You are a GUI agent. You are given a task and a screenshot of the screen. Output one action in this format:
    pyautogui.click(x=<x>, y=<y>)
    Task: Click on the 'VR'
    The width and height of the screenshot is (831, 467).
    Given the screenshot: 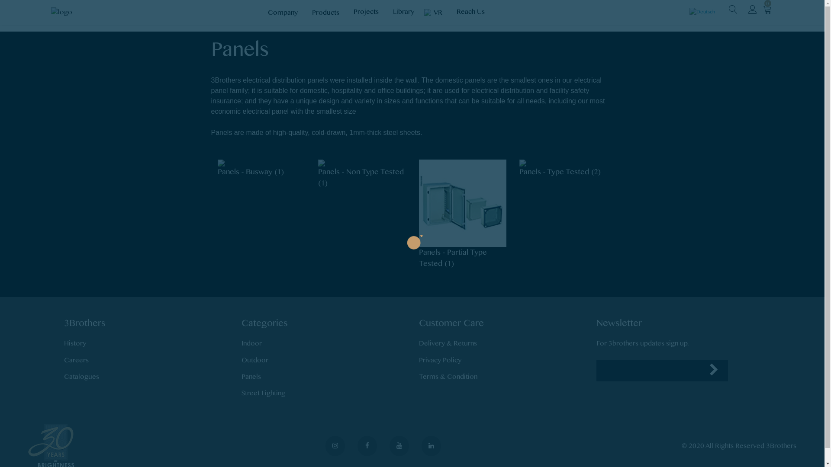 What is the action you would take?
    pyautogui.click(x=435, y=12)
    